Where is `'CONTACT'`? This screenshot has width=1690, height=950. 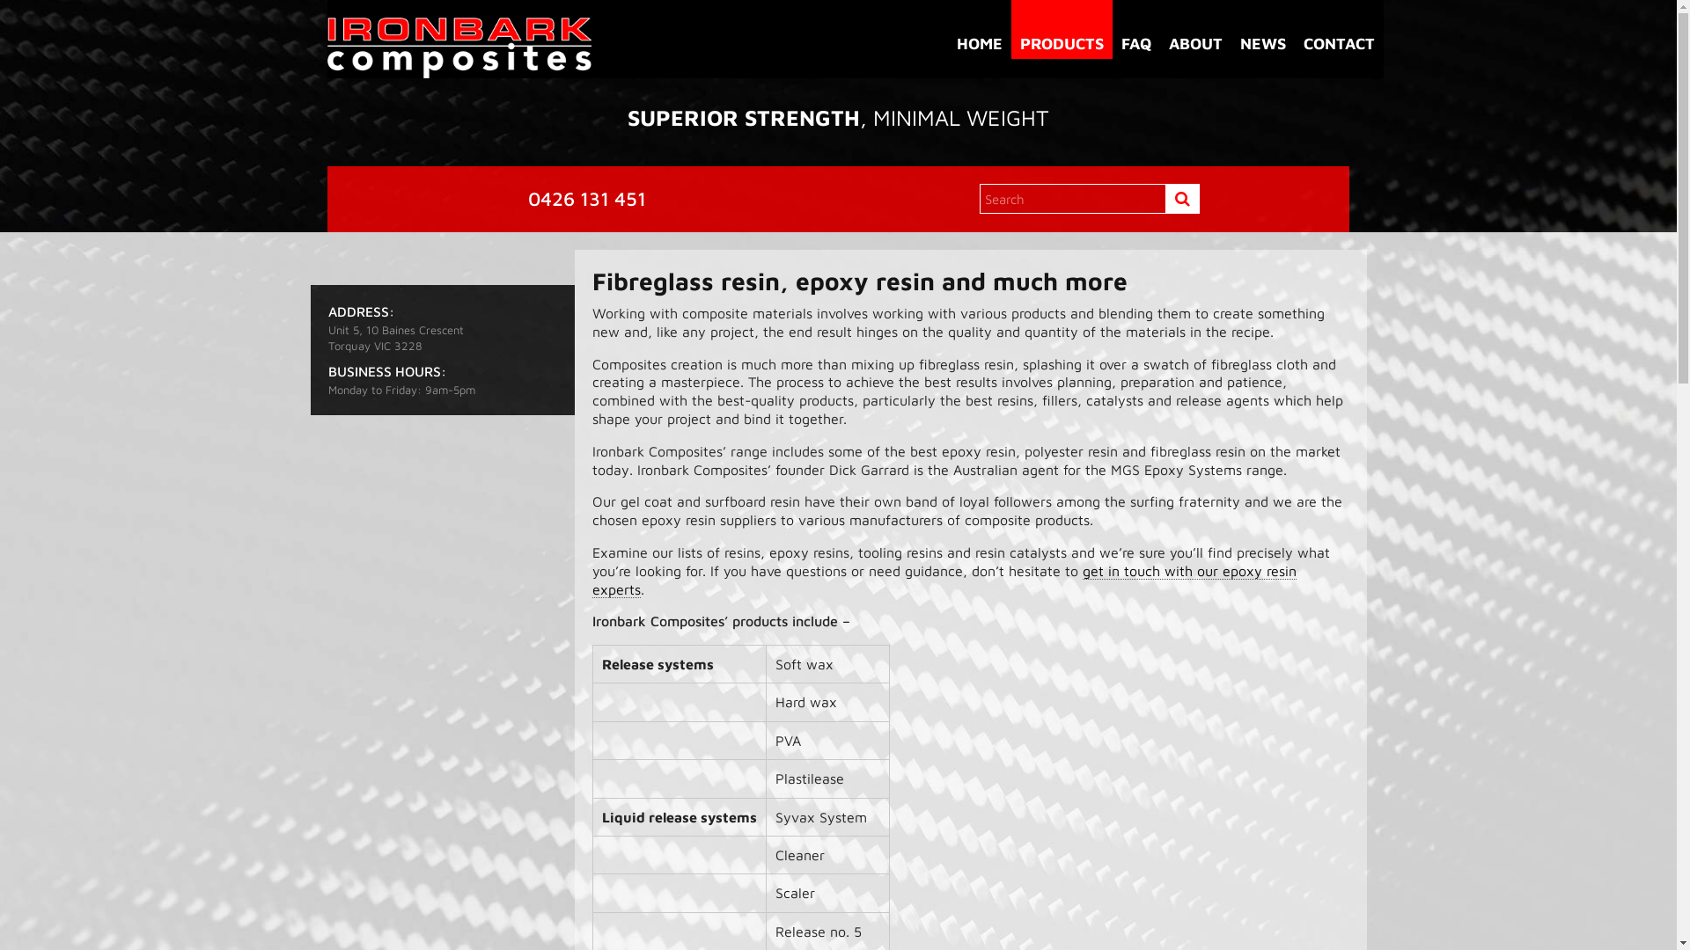
'CONTACT' is located at coordinates (1338, 29).